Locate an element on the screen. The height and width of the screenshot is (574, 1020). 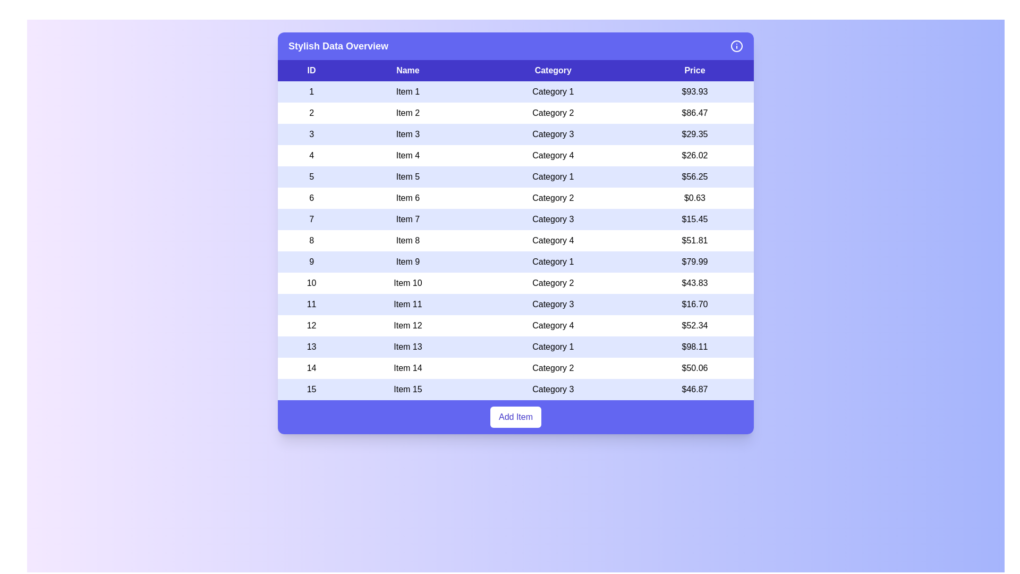
'Add Item' button to perform the intended action is located at coordinates (515, 417).